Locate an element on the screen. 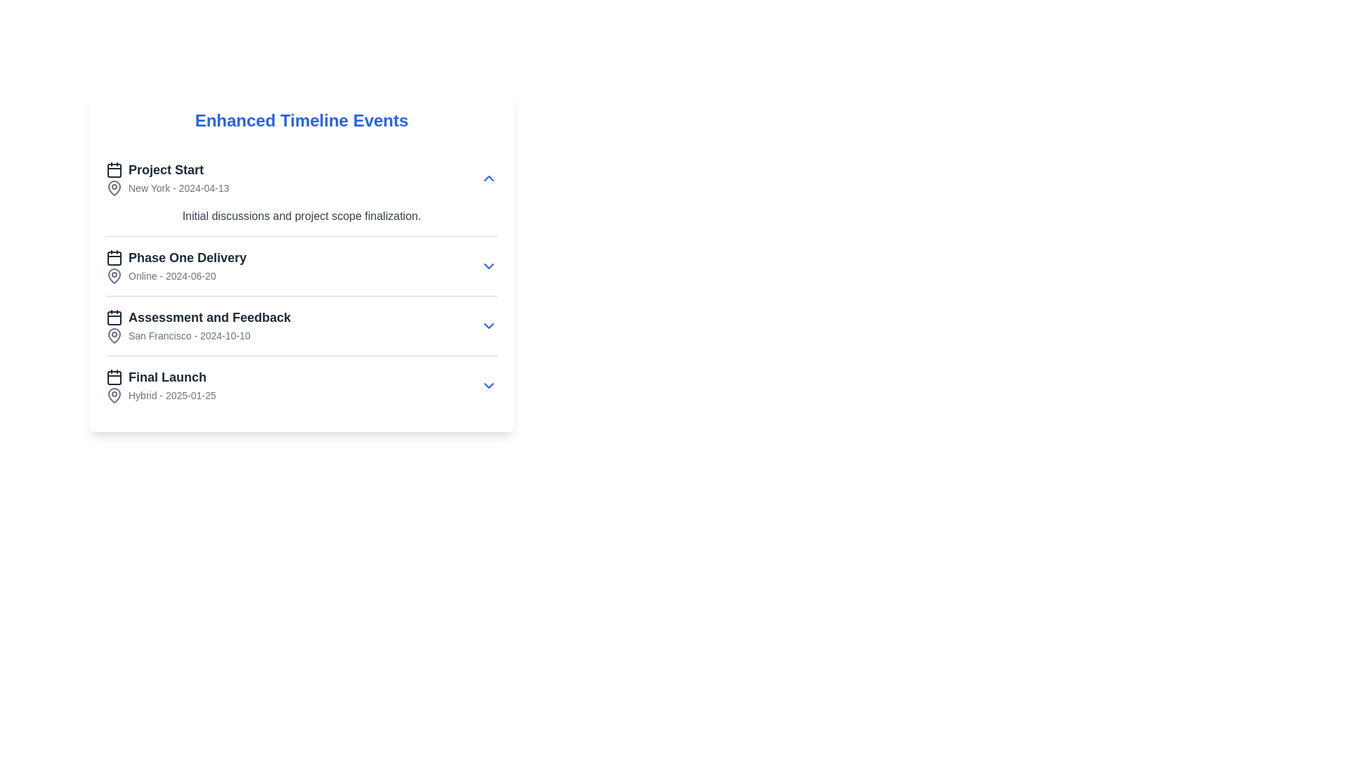 Image resolution: width=1349 pixels, height=759 pixels. the map pin icon located to the left of the text 'Hybrid - 2025-01-25' in the 'Final Launch' section of the timeline interface is located at coordinates (115, 396).